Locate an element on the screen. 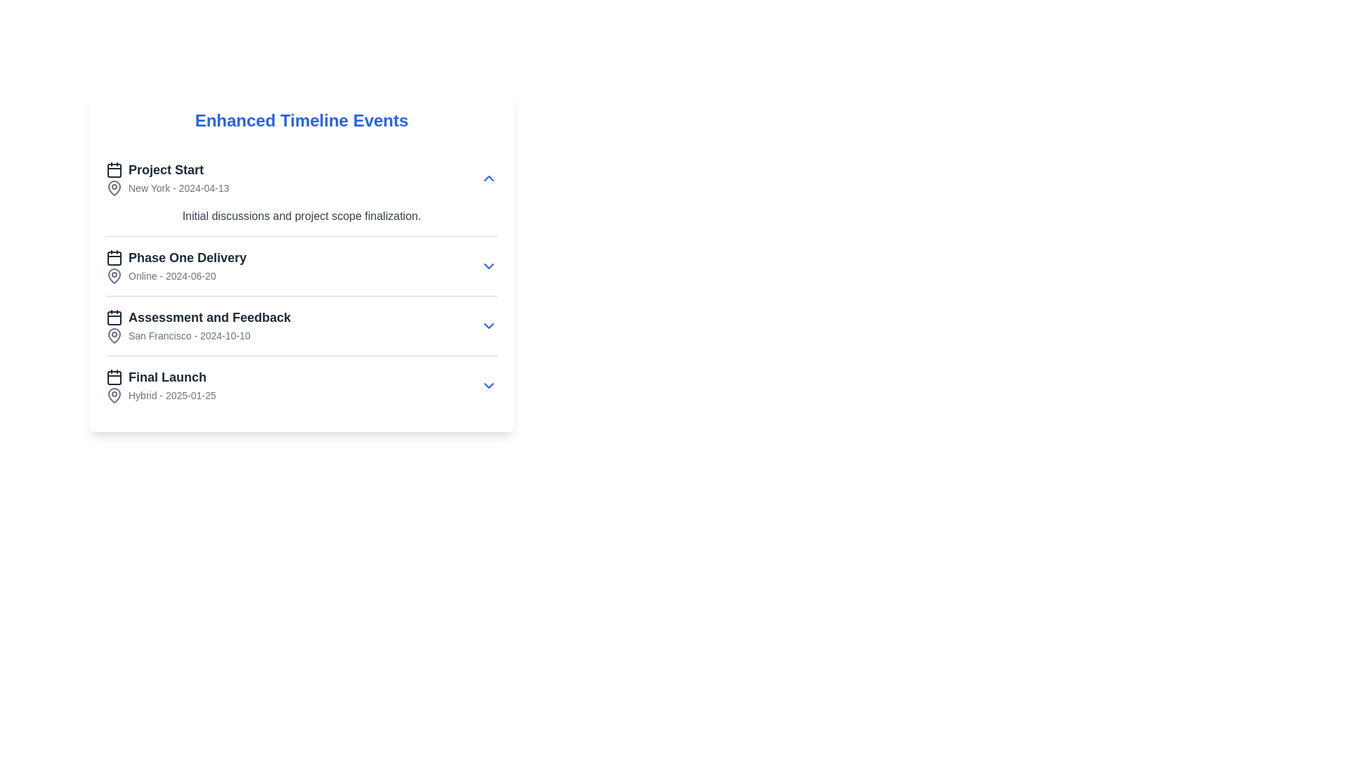 Image resolution: width=1349 pixels, height=759 pixels. the map pin icon located to the left of the text 'Hybrid - 2025-01-25' in the 'Final Launch' section of the timeline interface is located at coordinates (115, 396).